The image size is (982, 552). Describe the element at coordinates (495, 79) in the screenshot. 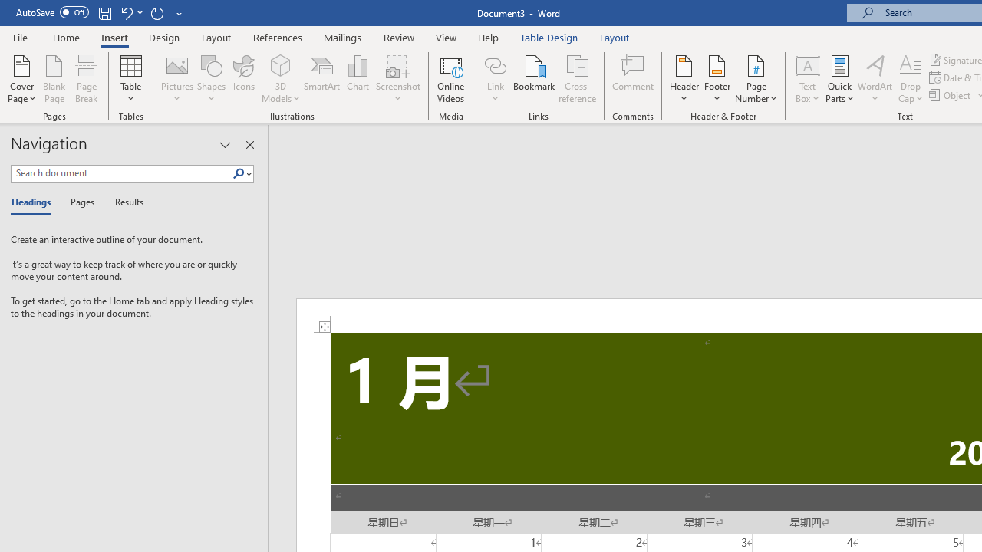

I see `'Link'` at that location.